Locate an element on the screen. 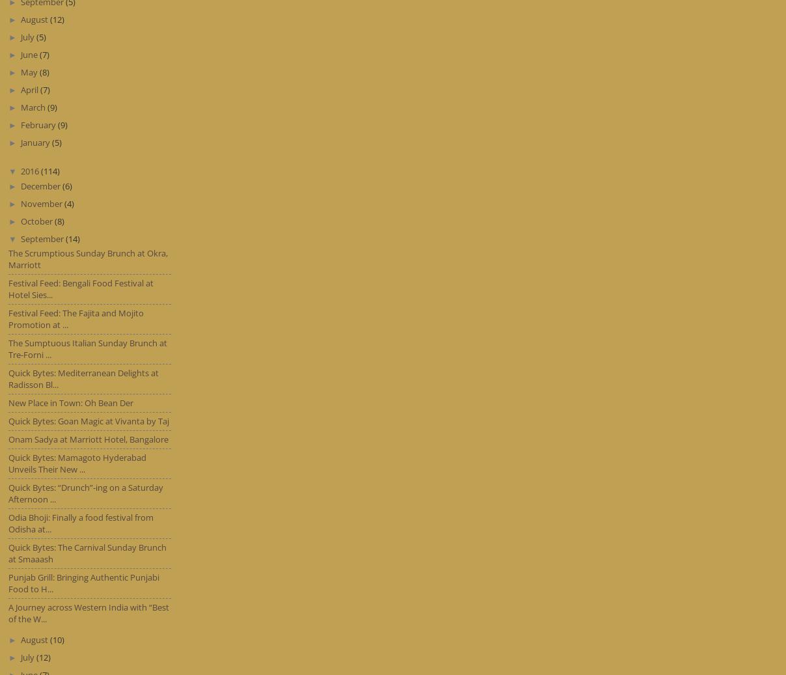  'Onam Sadya at Marriott Hotel, Bangalore' is located at coordinates (88, 439).